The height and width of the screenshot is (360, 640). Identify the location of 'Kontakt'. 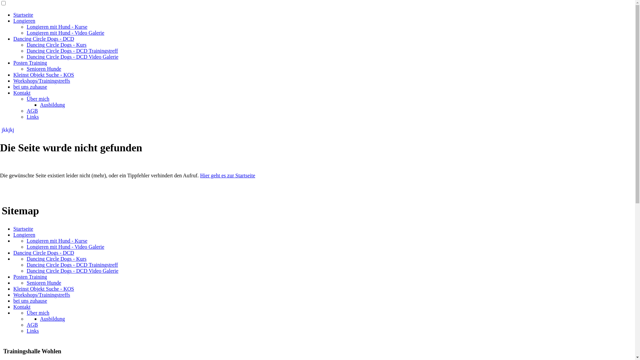
(22, 93).